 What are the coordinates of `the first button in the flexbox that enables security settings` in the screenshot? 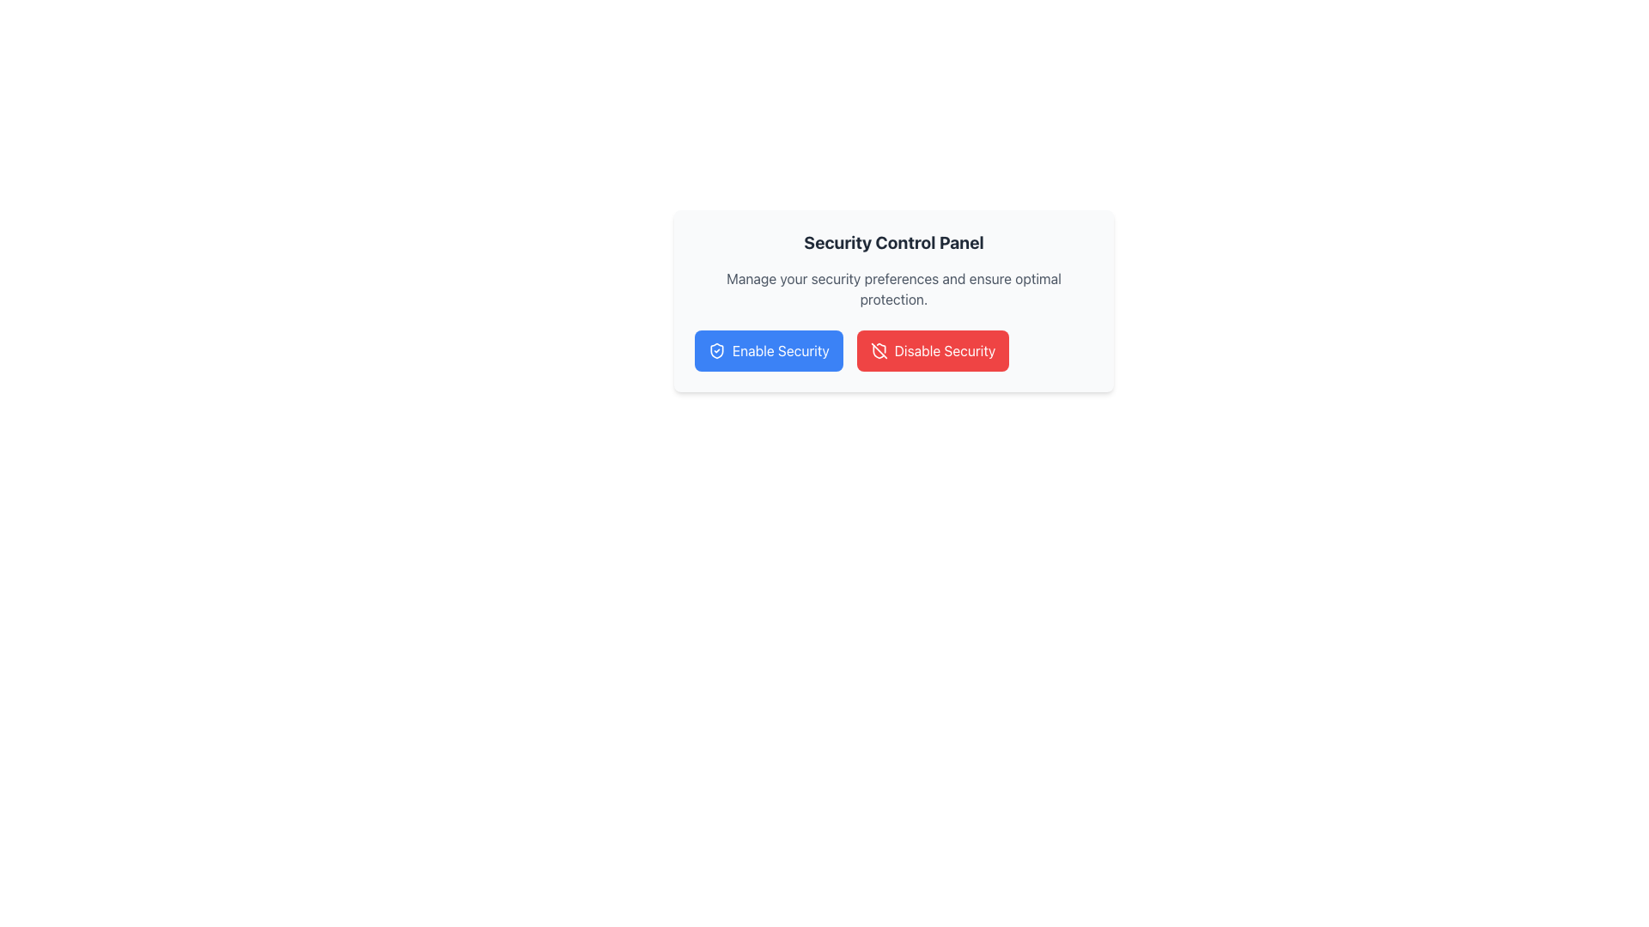 It's located at (768, 349).